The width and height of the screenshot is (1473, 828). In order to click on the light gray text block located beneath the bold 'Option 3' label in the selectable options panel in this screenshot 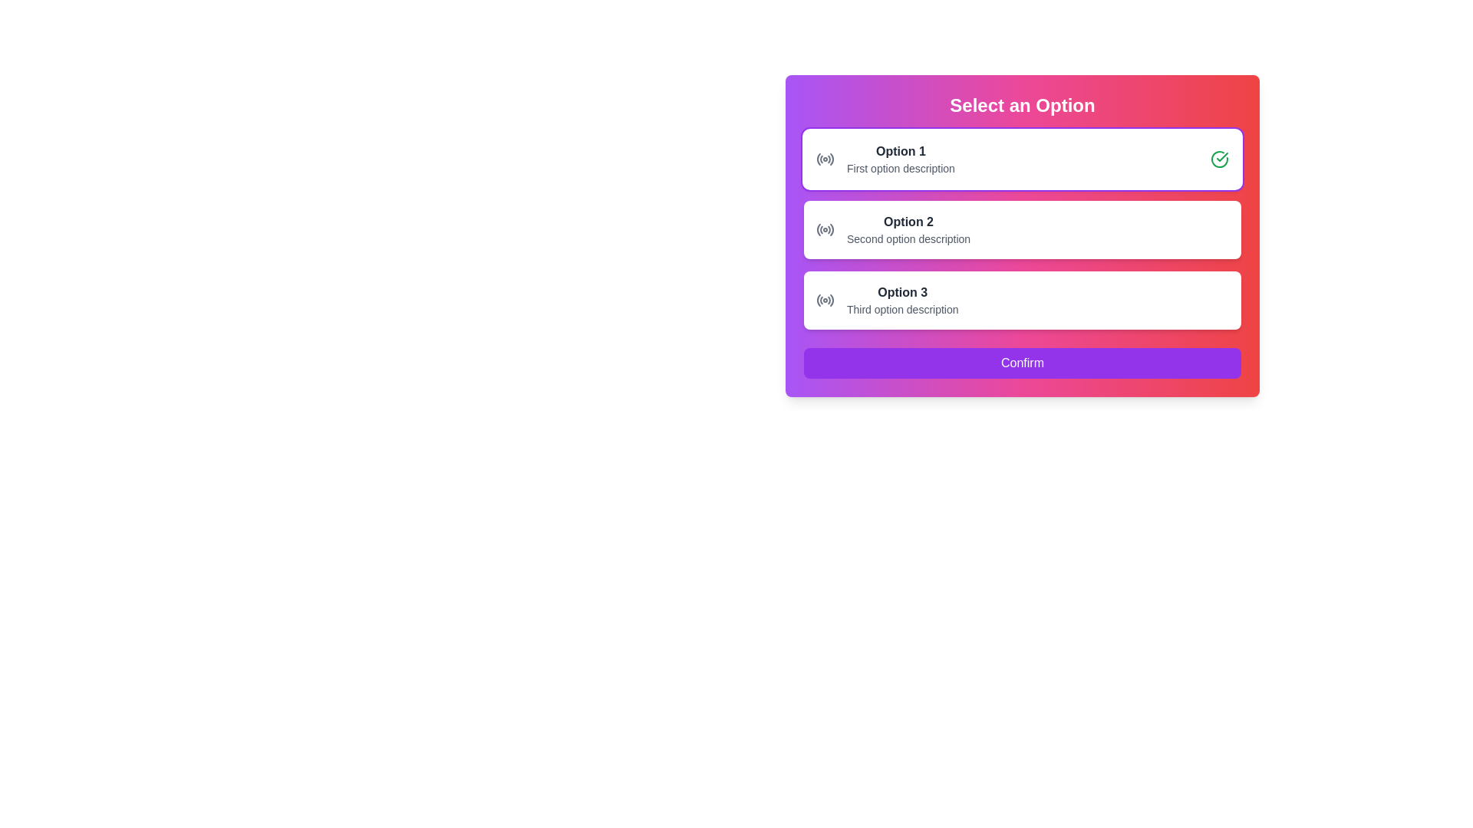, I will do `click(902, 310)`.